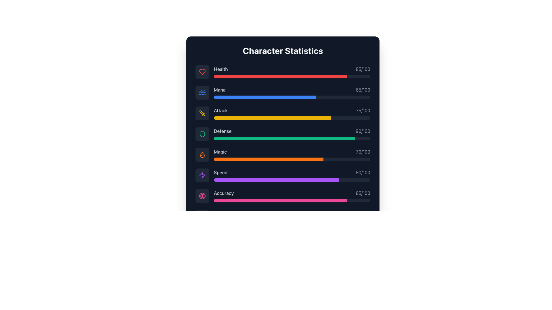  I want to click on the Progress bar representing the 'Magic' attribute, which visually indicates a level of 70 out of 100, located in the fifth row of the 'Character Statistics' section below the 'Magic70/100' label, so click(292, 159).